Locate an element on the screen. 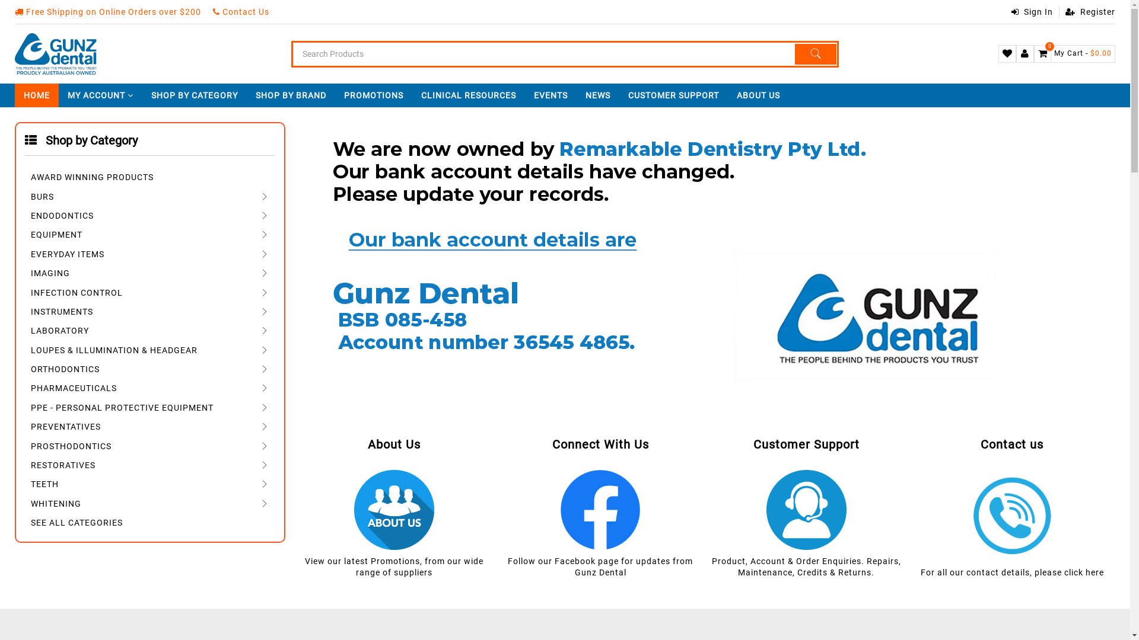 Image resolution: width=1139 pixels, height=640 pixels. 'NEWS' is located at coordinates (598, 95).